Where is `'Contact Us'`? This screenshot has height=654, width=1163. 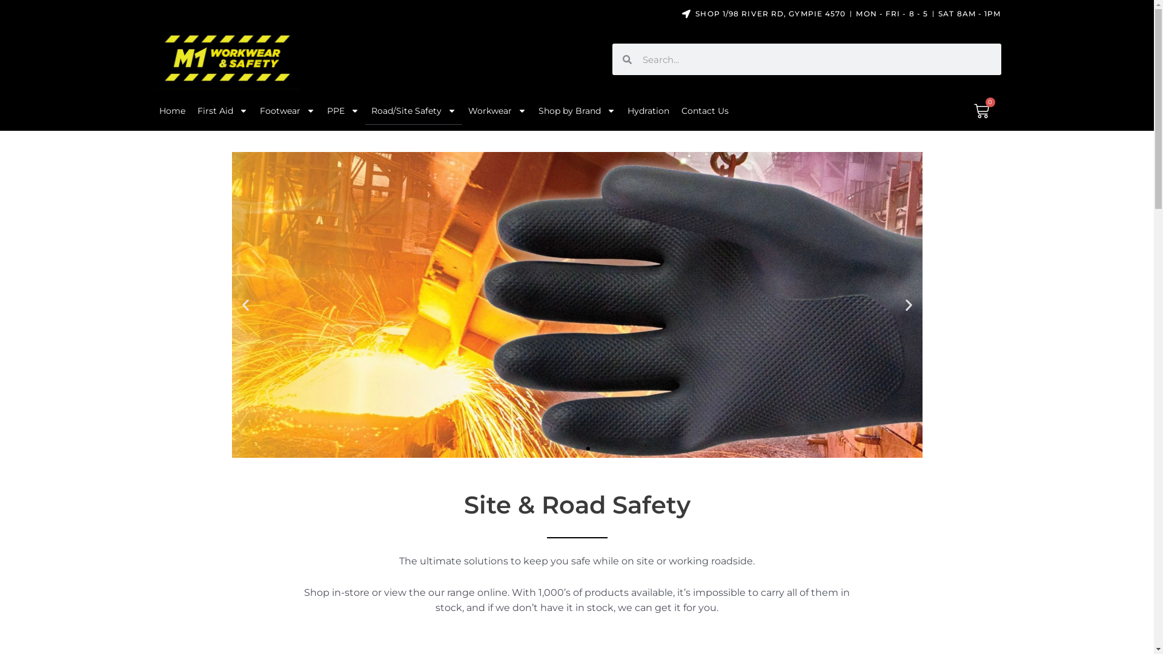
'Contact Us' is located at coordinates (704, 110).